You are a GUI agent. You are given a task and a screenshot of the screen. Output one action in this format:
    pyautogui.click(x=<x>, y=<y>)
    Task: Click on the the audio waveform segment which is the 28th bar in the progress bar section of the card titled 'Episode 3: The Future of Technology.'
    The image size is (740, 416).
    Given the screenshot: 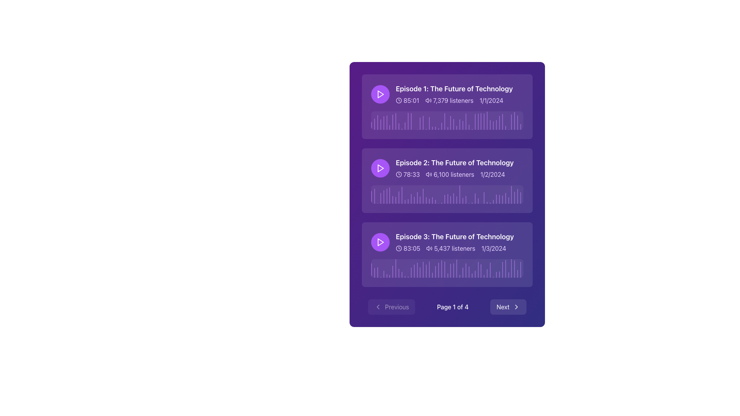 What is the action you would take?
    pyautogui.click(x=454, y=270)
    